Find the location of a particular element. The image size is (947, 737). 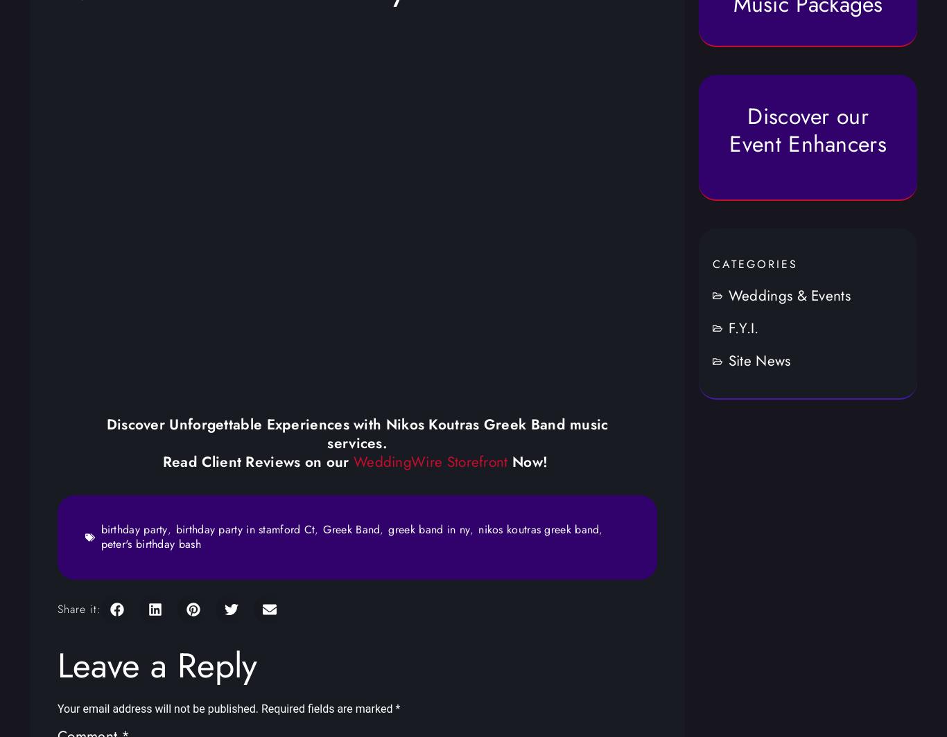

'greek band in ny' is located at coordinates (388, 529).